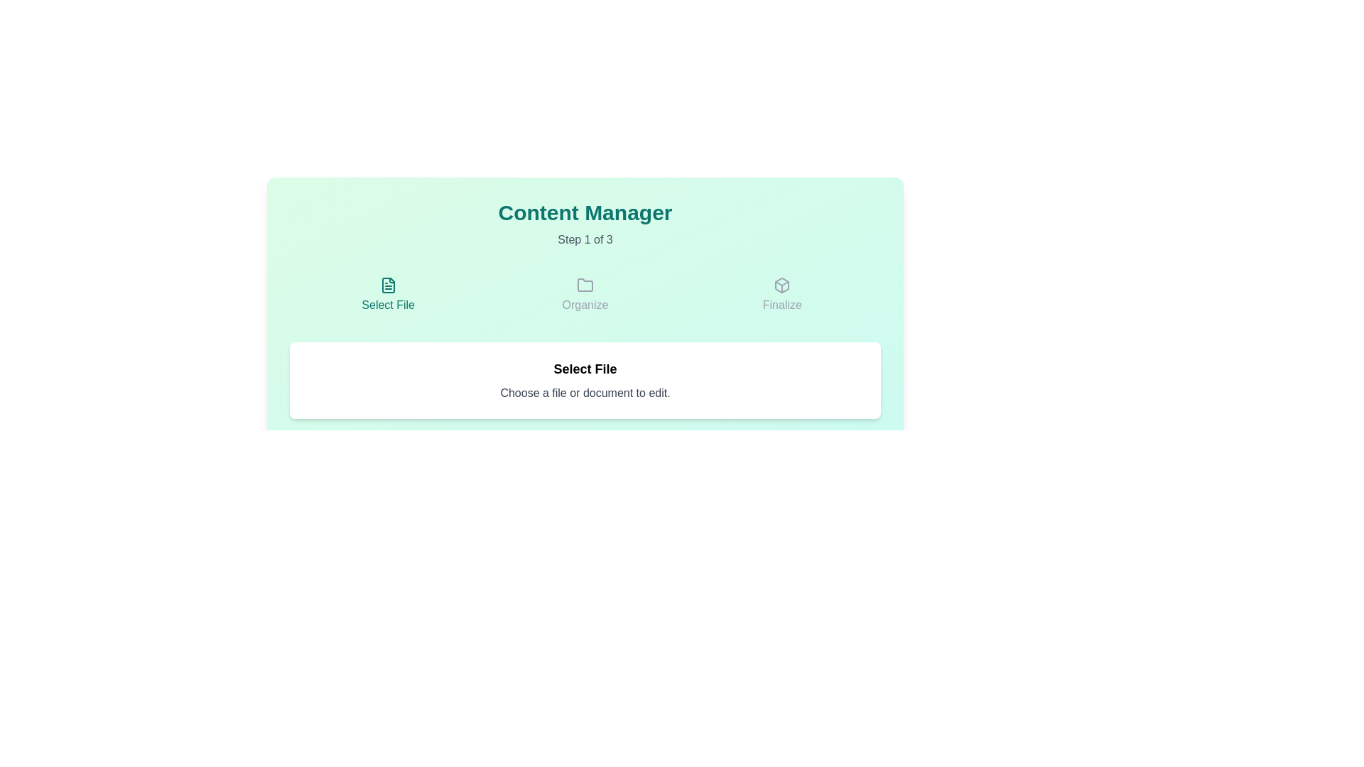 This screenshot has height=767, width=1364. I want to click on the 'Finalize' icon, which is a minimalist cube-like structure and the rightmost icon in a series of three at the top-center of the interface, so click(781, 285).